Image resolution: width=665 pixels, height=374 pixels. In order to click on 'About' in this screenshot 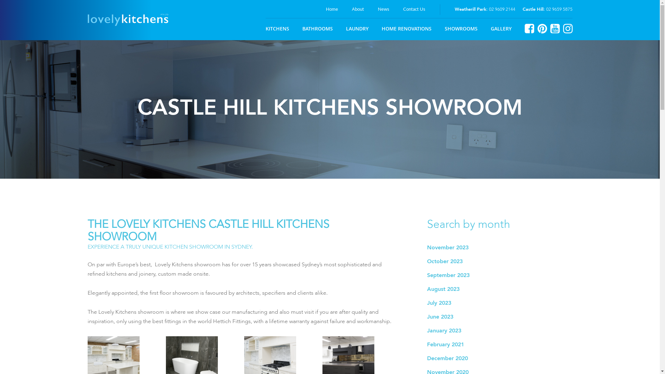, I will do `click(358, 9)`.